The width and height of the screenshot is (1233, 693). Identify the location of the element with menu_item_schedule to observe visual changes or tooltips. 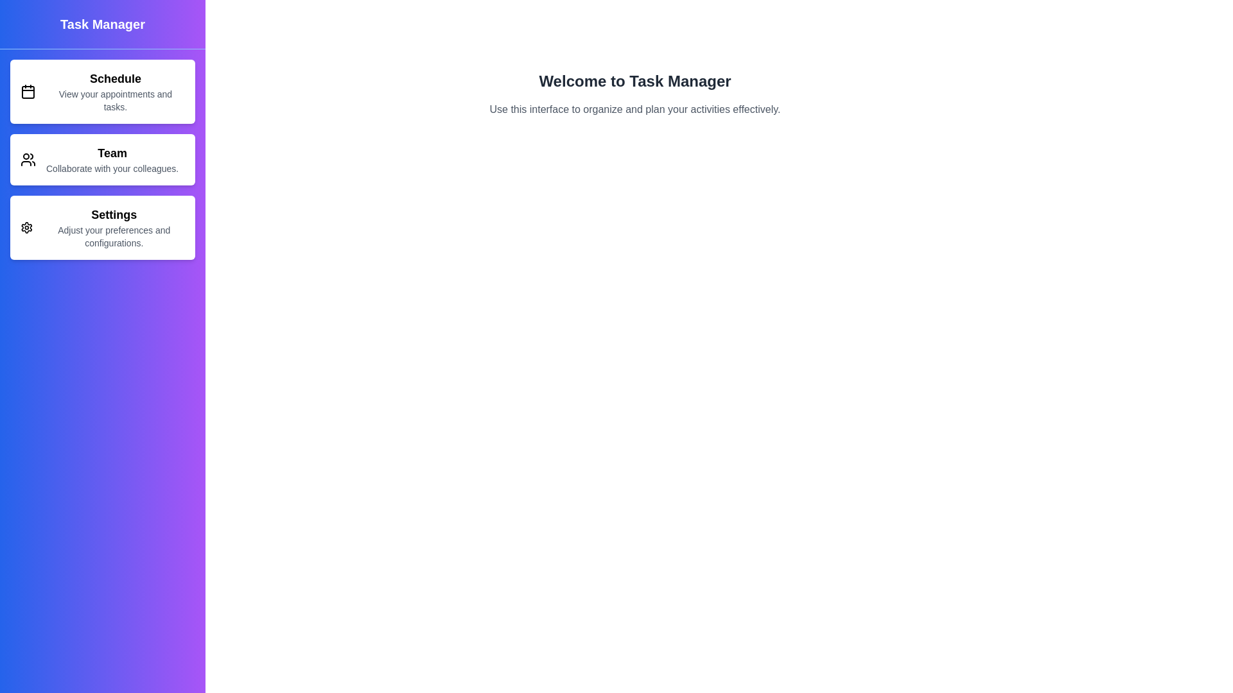
(101, 90).